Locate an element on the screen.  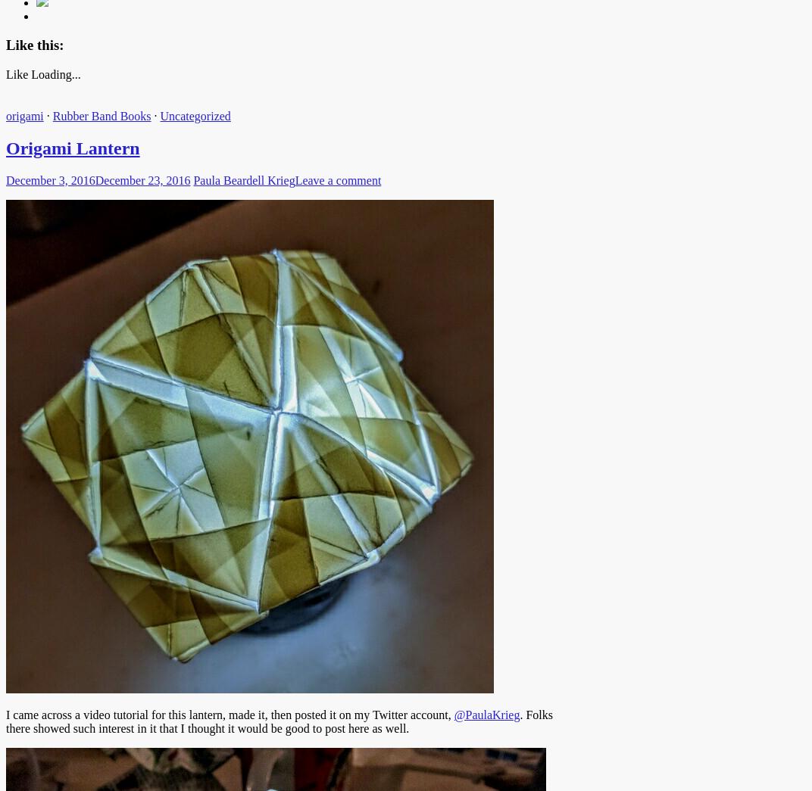
'. Folks there showed such interest in it that I thought it would be good to post here as well.' is located at coordinates (279, 720).